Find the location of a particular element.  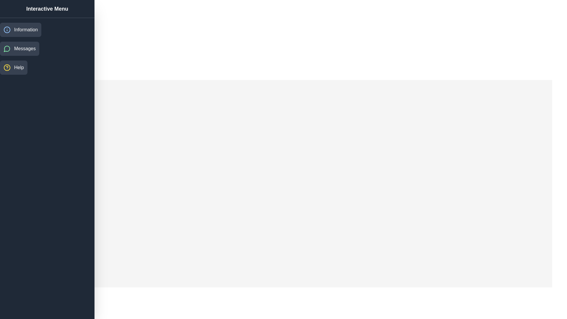

the Text label in the sidebar, which is the third menu item below 'Information' and 'Messages' is located at coordinates (19, 67).